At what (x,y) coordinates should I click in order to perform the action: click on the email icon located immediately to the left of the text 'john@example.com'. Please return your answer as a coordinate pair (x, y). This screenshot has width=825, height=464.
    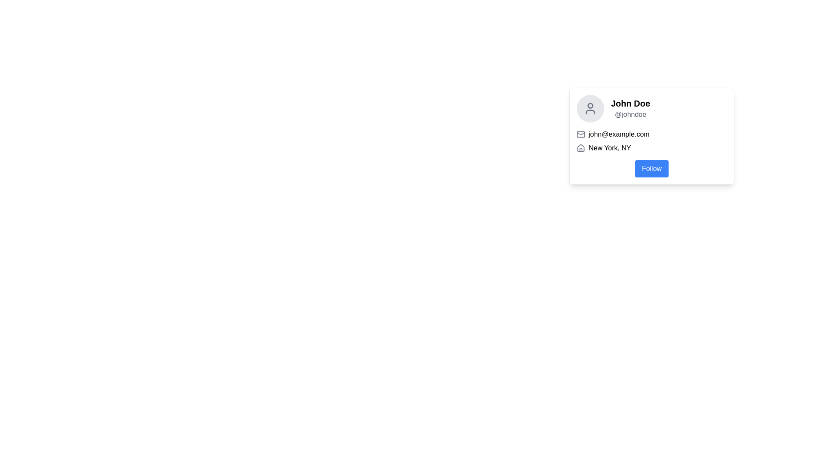
    Looking at the image, I should click on (581, 134).